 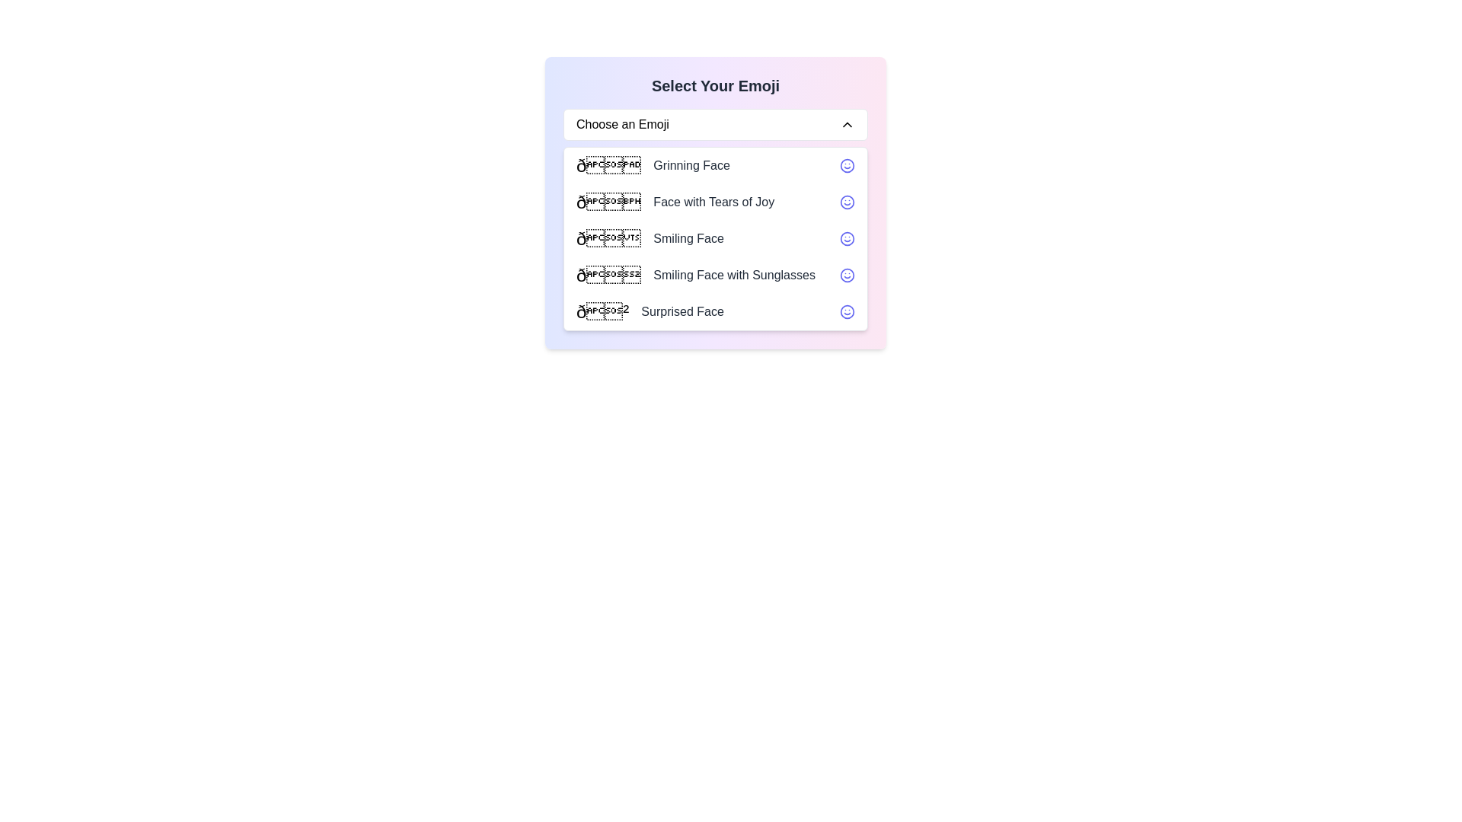 I want to click on the surprised face emoji icon located at the beginning of the 'Surprised Face' list item in the emoji selection dropdown, so click(x=602, y=311).